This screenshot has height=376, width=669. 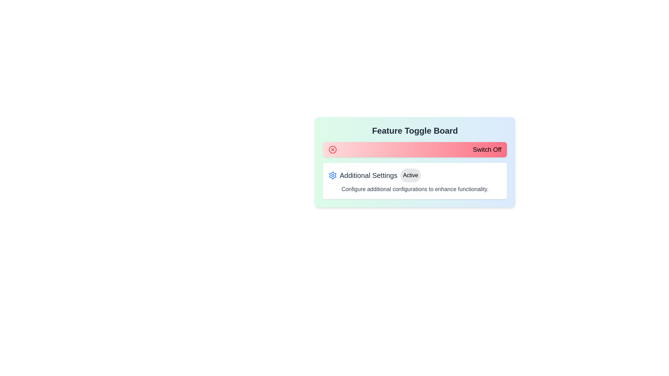 What do you see at coordinates (332, 175) in the screenshot?
I see `the circular light blue settings icon with a gear shape, located on the left side of the 'Additional Settings' label` at bounding box center [332, 175].